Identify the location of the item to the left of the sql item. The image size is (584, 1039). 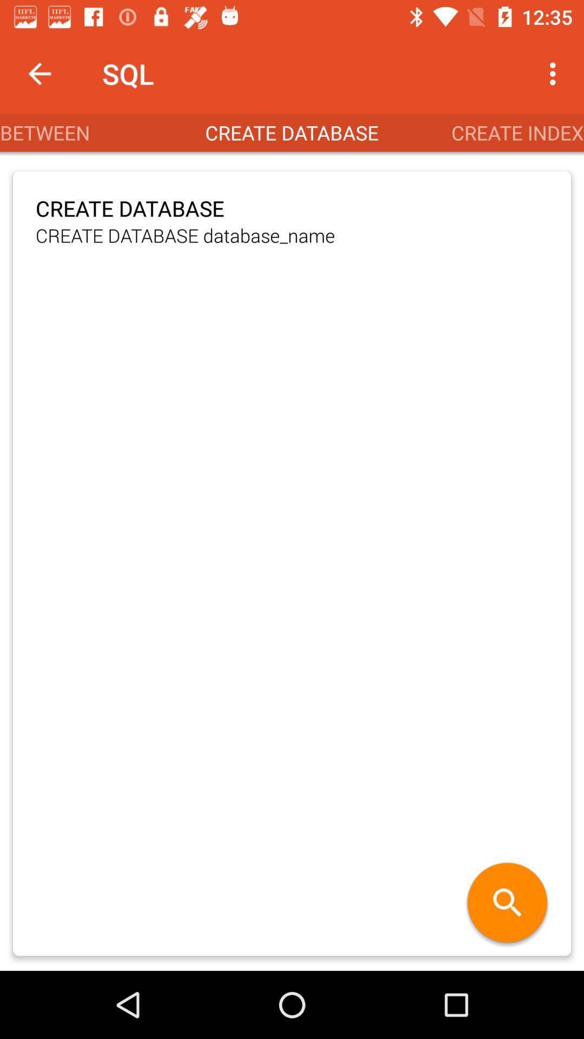
(39, 73).